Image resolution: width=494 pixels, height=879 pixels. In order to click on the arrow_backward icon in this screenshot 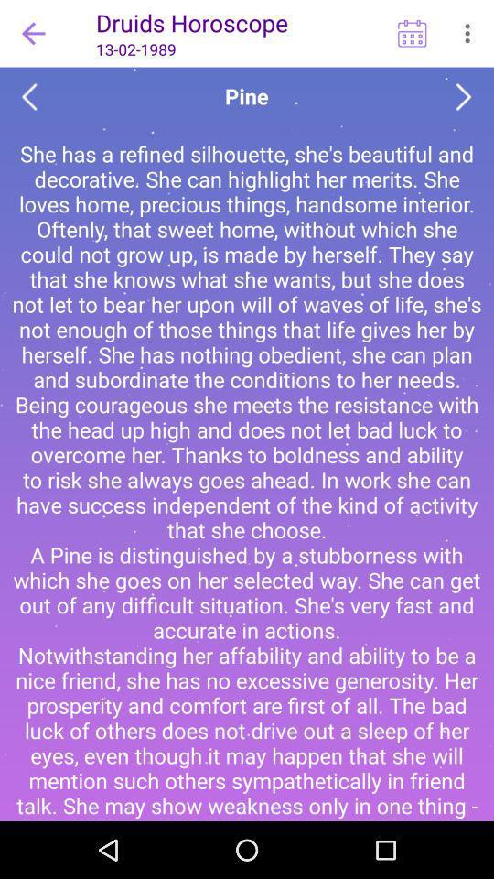, I will do `click(28, 97)`.